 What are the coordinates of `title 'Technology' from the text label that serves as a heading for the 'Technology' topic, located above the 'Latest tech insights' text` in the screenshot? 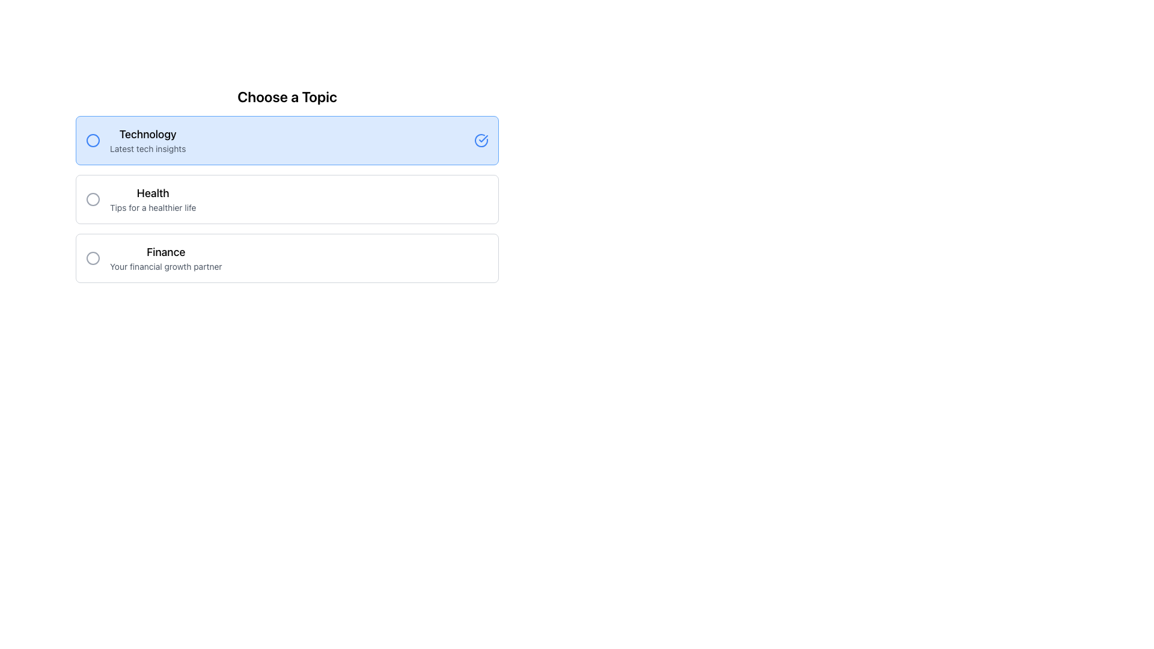 It's located at (147, 134).